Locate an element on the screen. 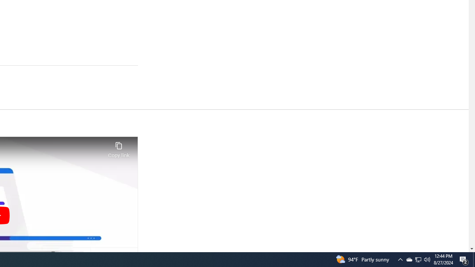 Image resolution: width=475 pixels, height=267 pixels. 'Copy link' is located at coordinates (119, 148).